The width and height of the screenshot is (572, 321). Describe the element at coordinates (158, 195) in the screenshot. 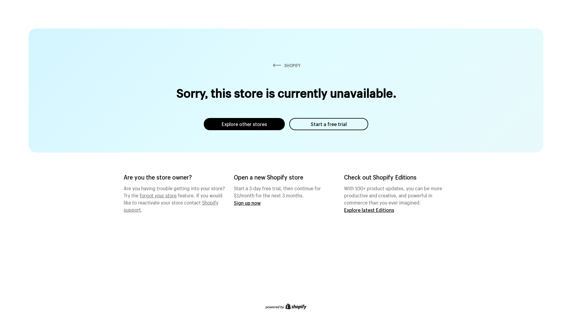

I see `'forgot your store'` at that location.